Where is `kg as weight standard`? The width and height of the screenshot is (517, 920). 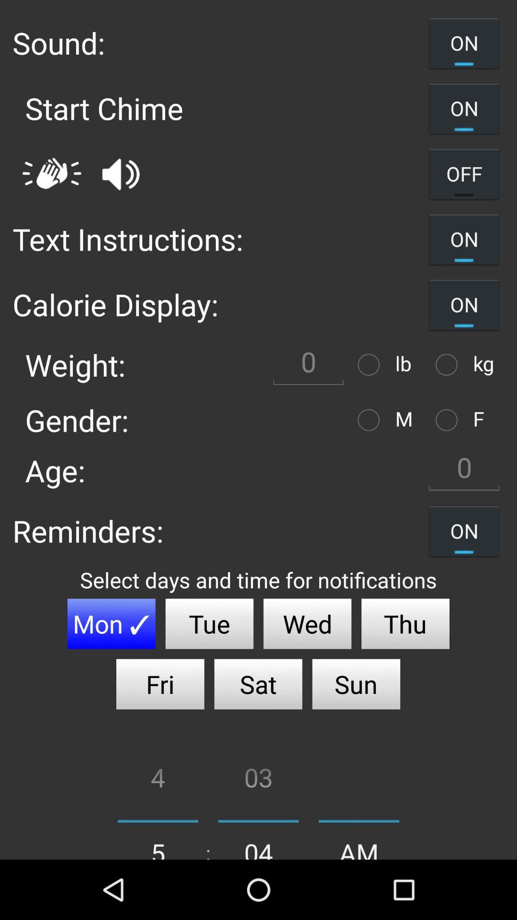
kg as weight standard is located at coordinates (449, 364).